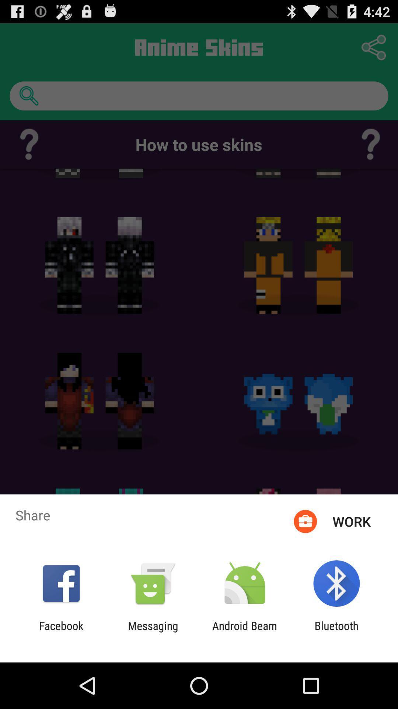 The width and height of the screenshot is (398, 709). What do you see at coordinates (336, 632) in the screenshot?
I see `the bluetooth item` at bounding box center [336, 632].